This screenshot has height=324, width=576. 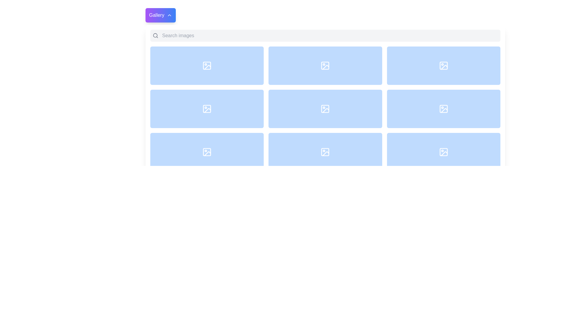 What do you see at coordinates (443, 66) in the screenshot?
I see `the SVG image icon with a sun and landscape design, located in the second row and third column of a 3x4 grid layout` at bounding box center [443, 66].